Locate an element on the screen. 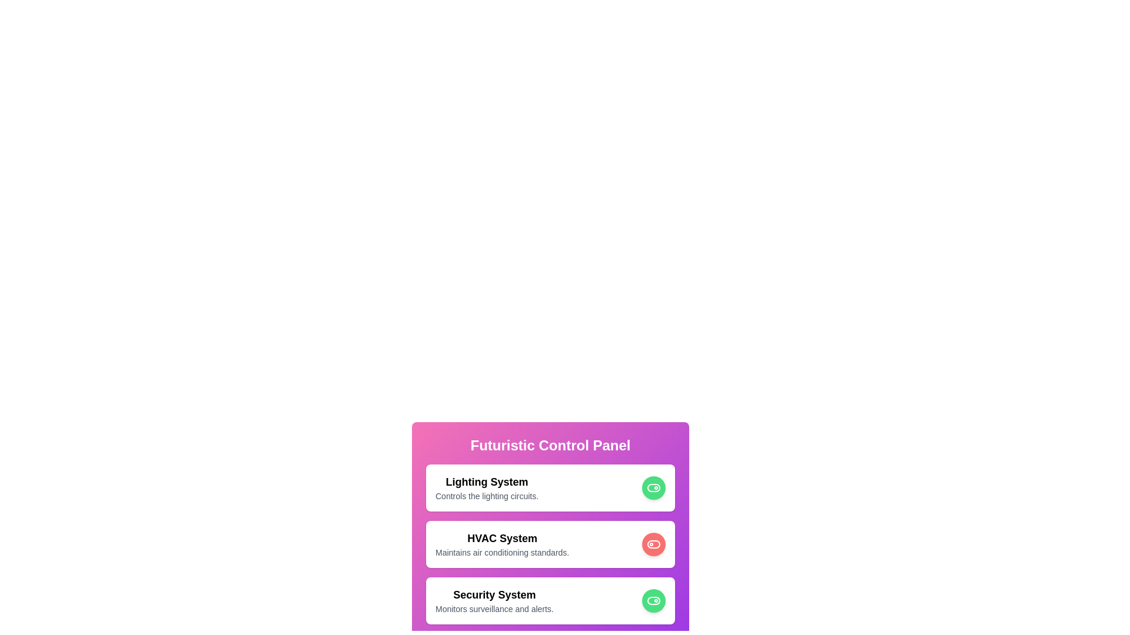 This screenshot has width=1130, height=635. the title area of the control panel is located at coordinates (550, 446).